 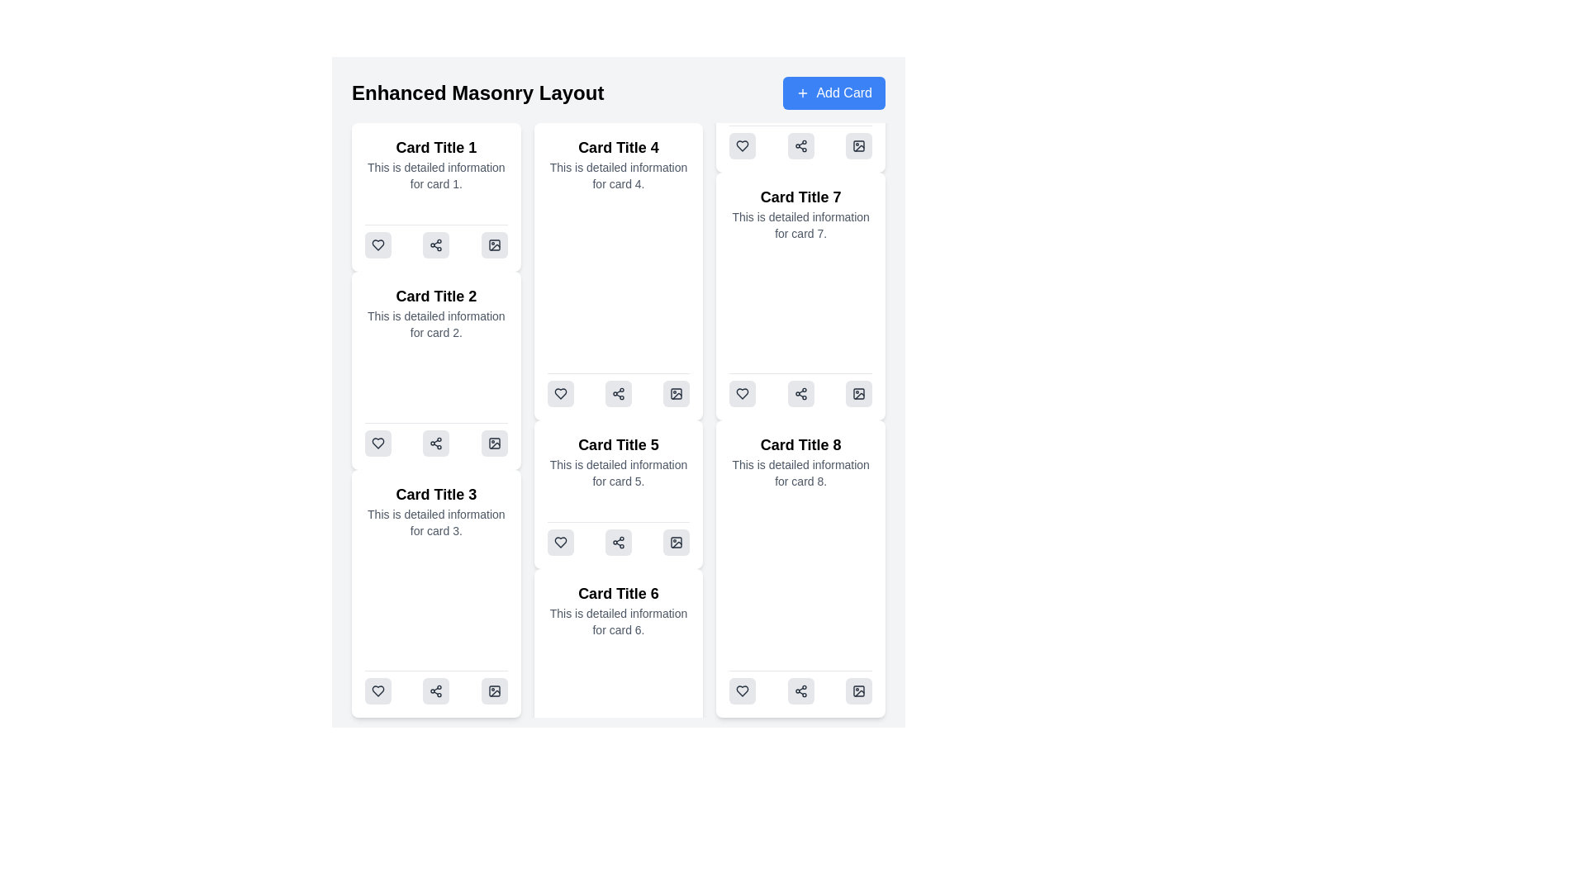 What do you see at coordinates (617, 592) in the screenshot?
I see `the text label styled with a larger font size and bold typeface that contains the text 'Card Title 6', which is located above the detailed description of the sixth card in the middle column` at bounding box center [617, 592].